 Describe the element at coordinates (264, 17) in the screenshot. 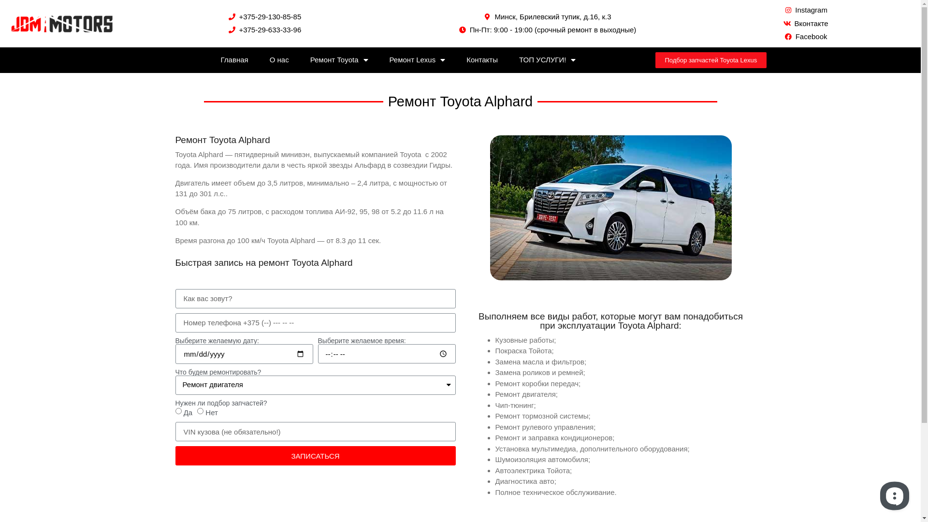

I see `'+375-29-130-85-85'` at that location.